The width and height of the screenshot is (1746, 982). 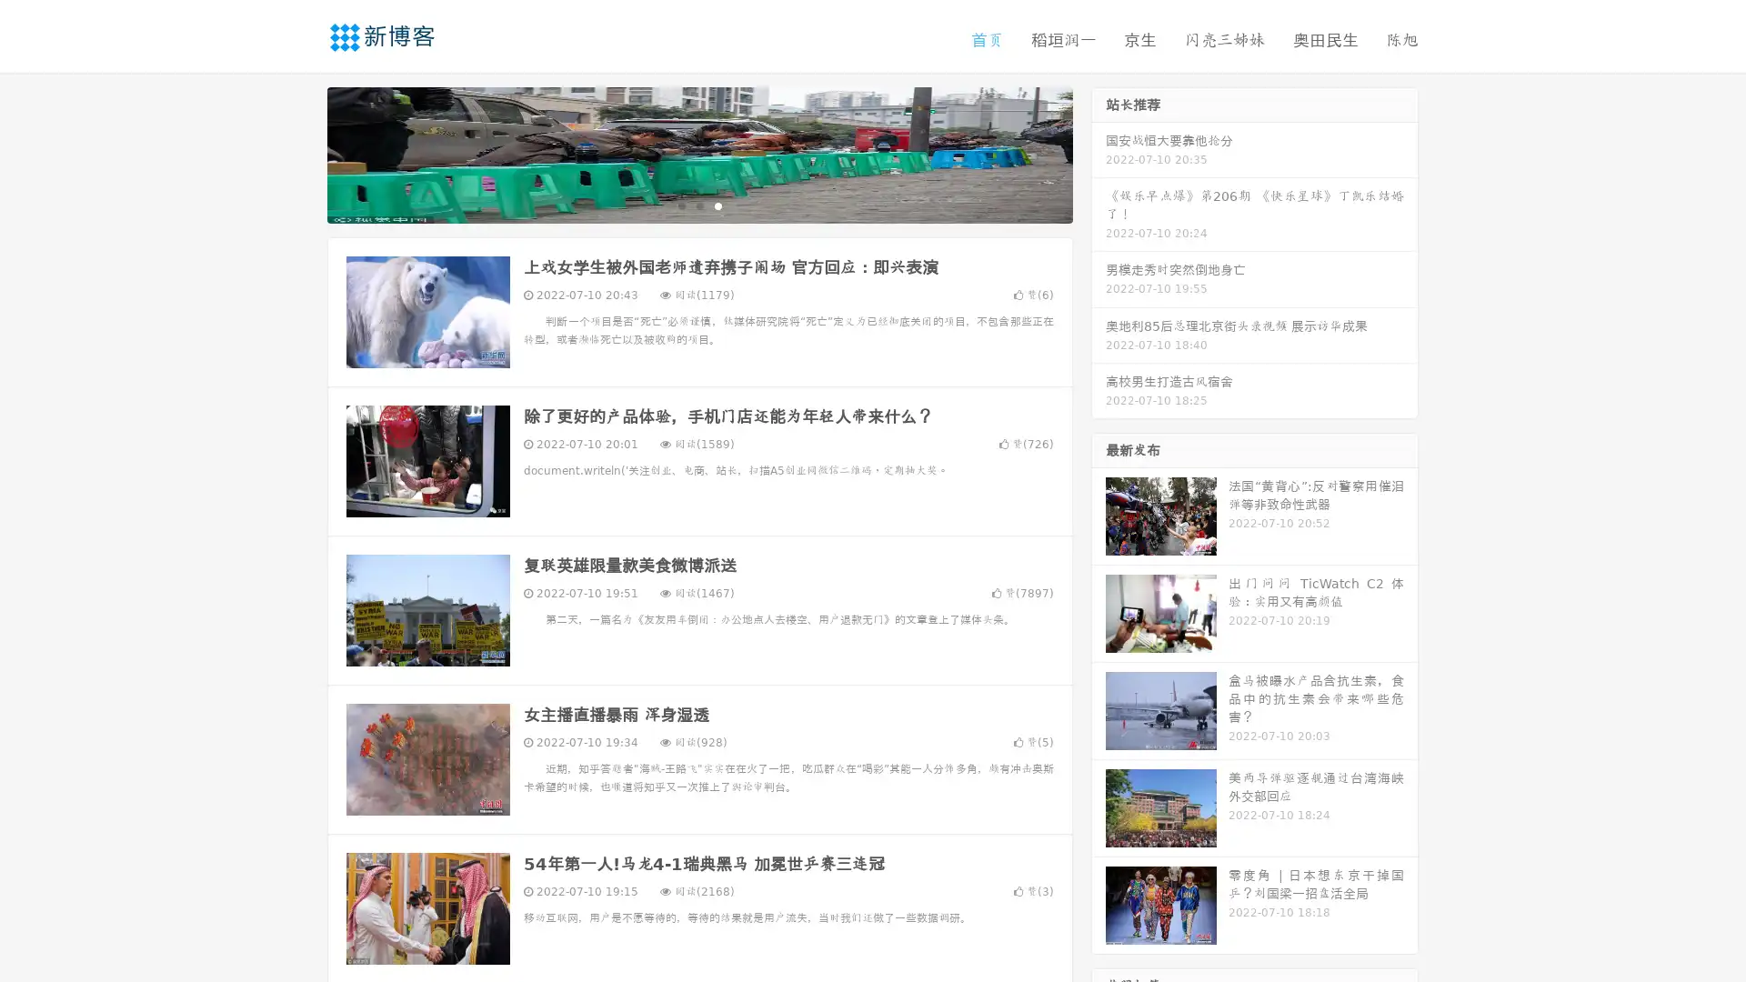 I want to click on Next slide, so click(x=1099, y=153).